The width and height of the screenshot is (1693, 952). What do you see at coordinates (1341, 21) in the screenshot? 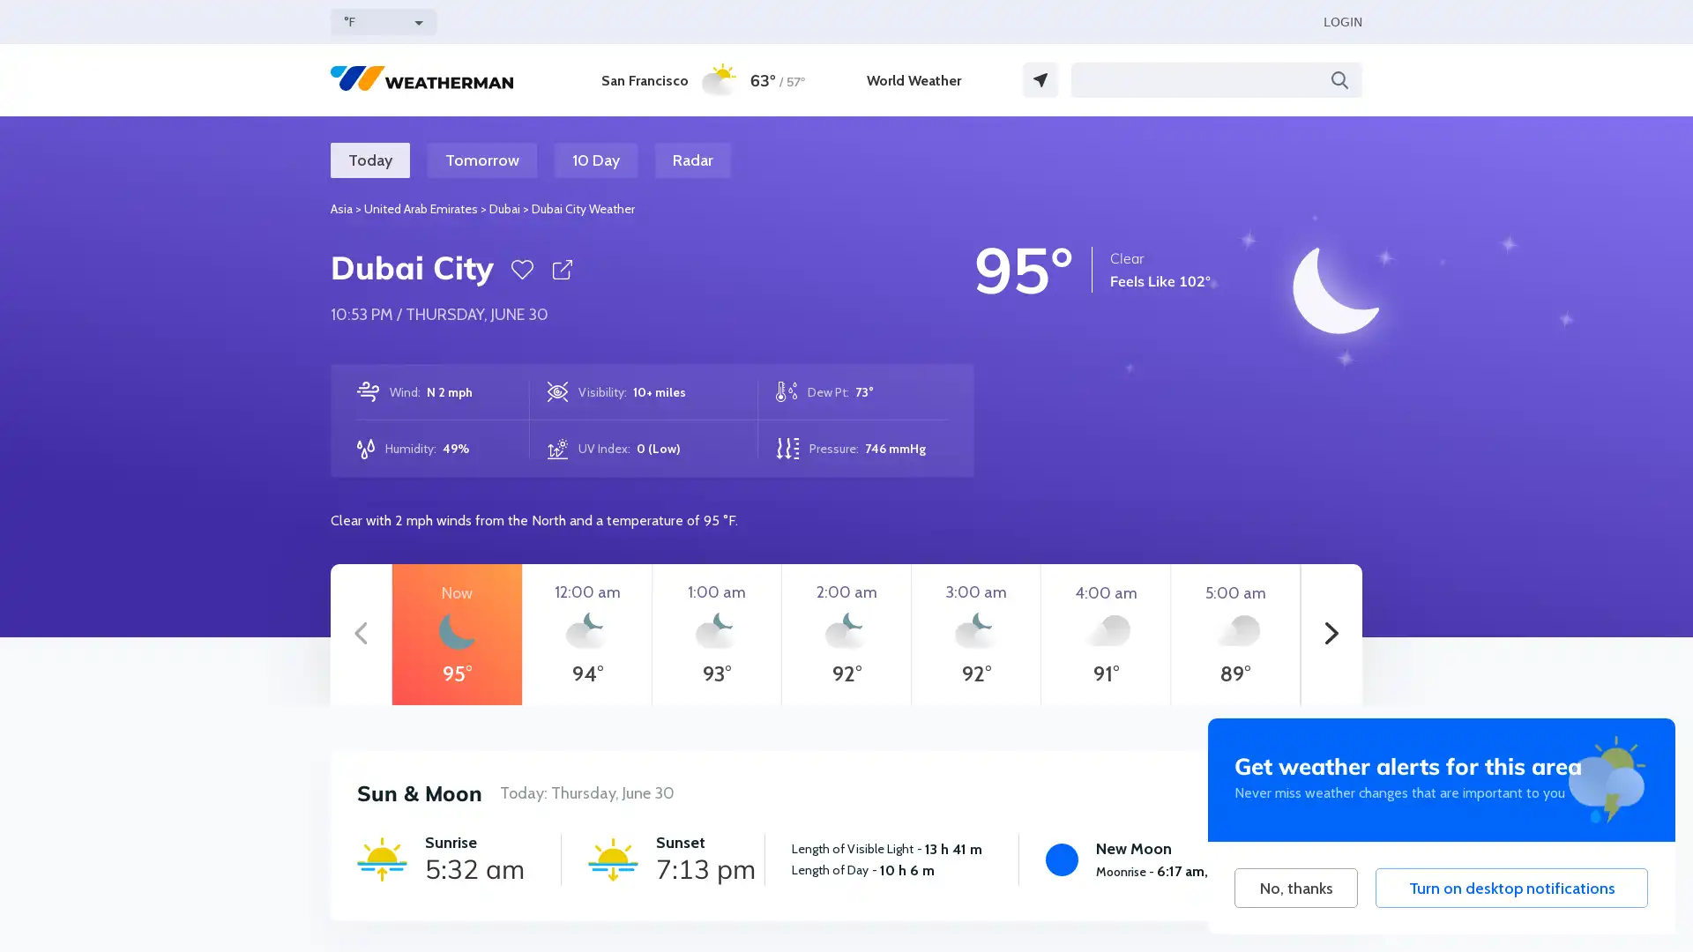
I see `LOGIN` at bounding box center [1341, 21].